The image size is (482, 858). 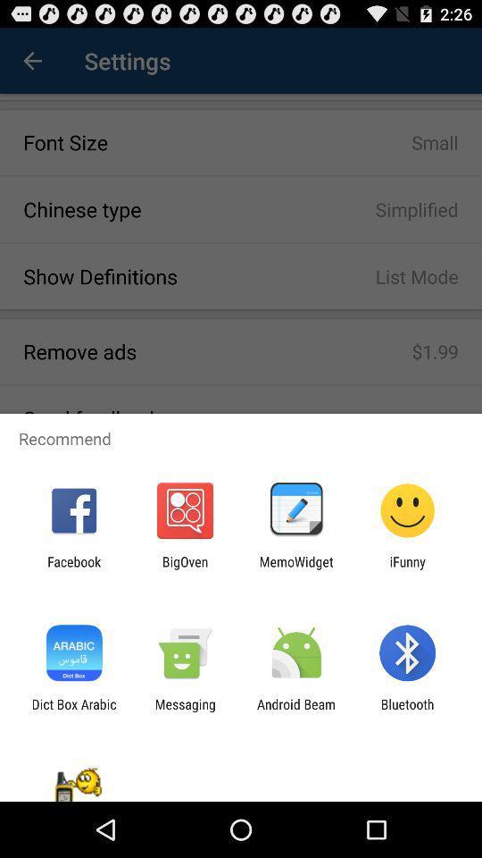 I want to click on icon next to bigoven, so click(x=73, y=568).